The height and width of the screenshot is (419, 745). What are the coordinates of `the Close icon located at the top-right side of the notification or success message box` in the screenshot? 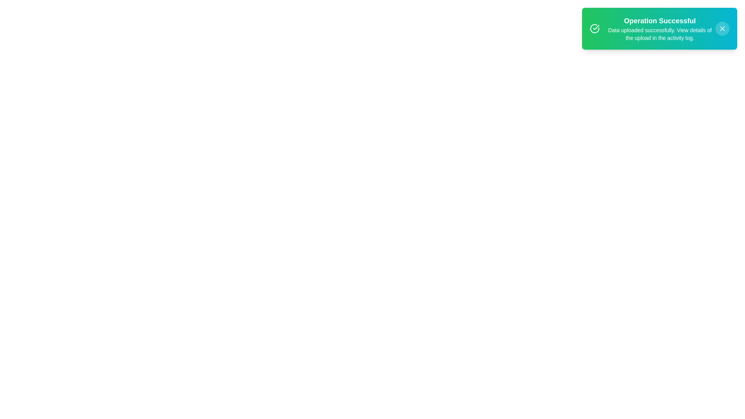 It's located at (722, 28).